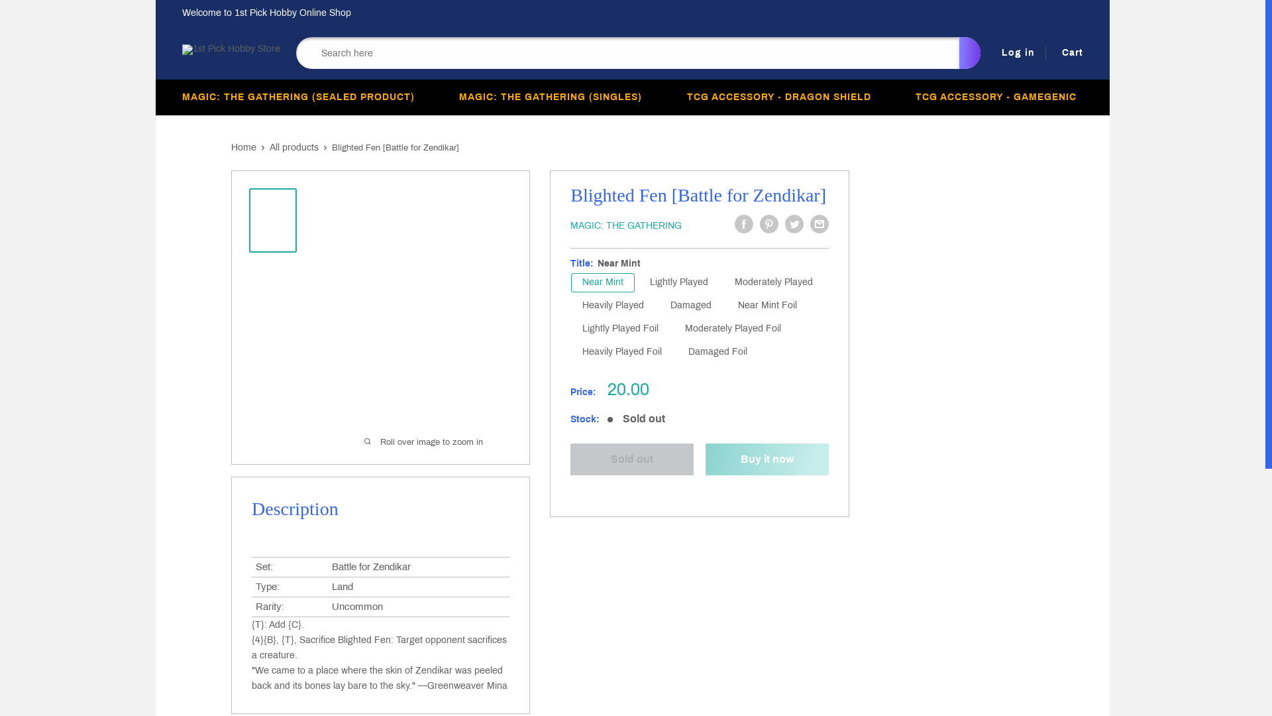 This screenshot has height=716, width=1272. Describe the element at coordinates (301, 96) in the screenshot. I see `'MAGIC: THE GATHERING (SEALED PRODUCT)  '` at that location.